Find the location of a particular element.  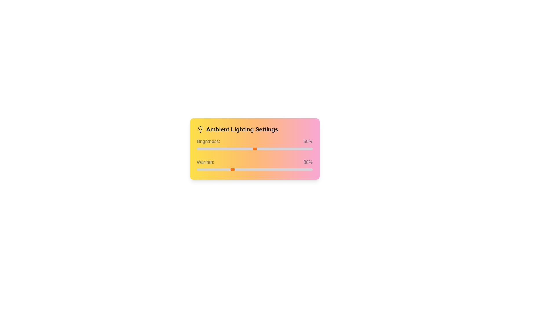

the warmth slider to 26% is located at coordinates (226, 169).